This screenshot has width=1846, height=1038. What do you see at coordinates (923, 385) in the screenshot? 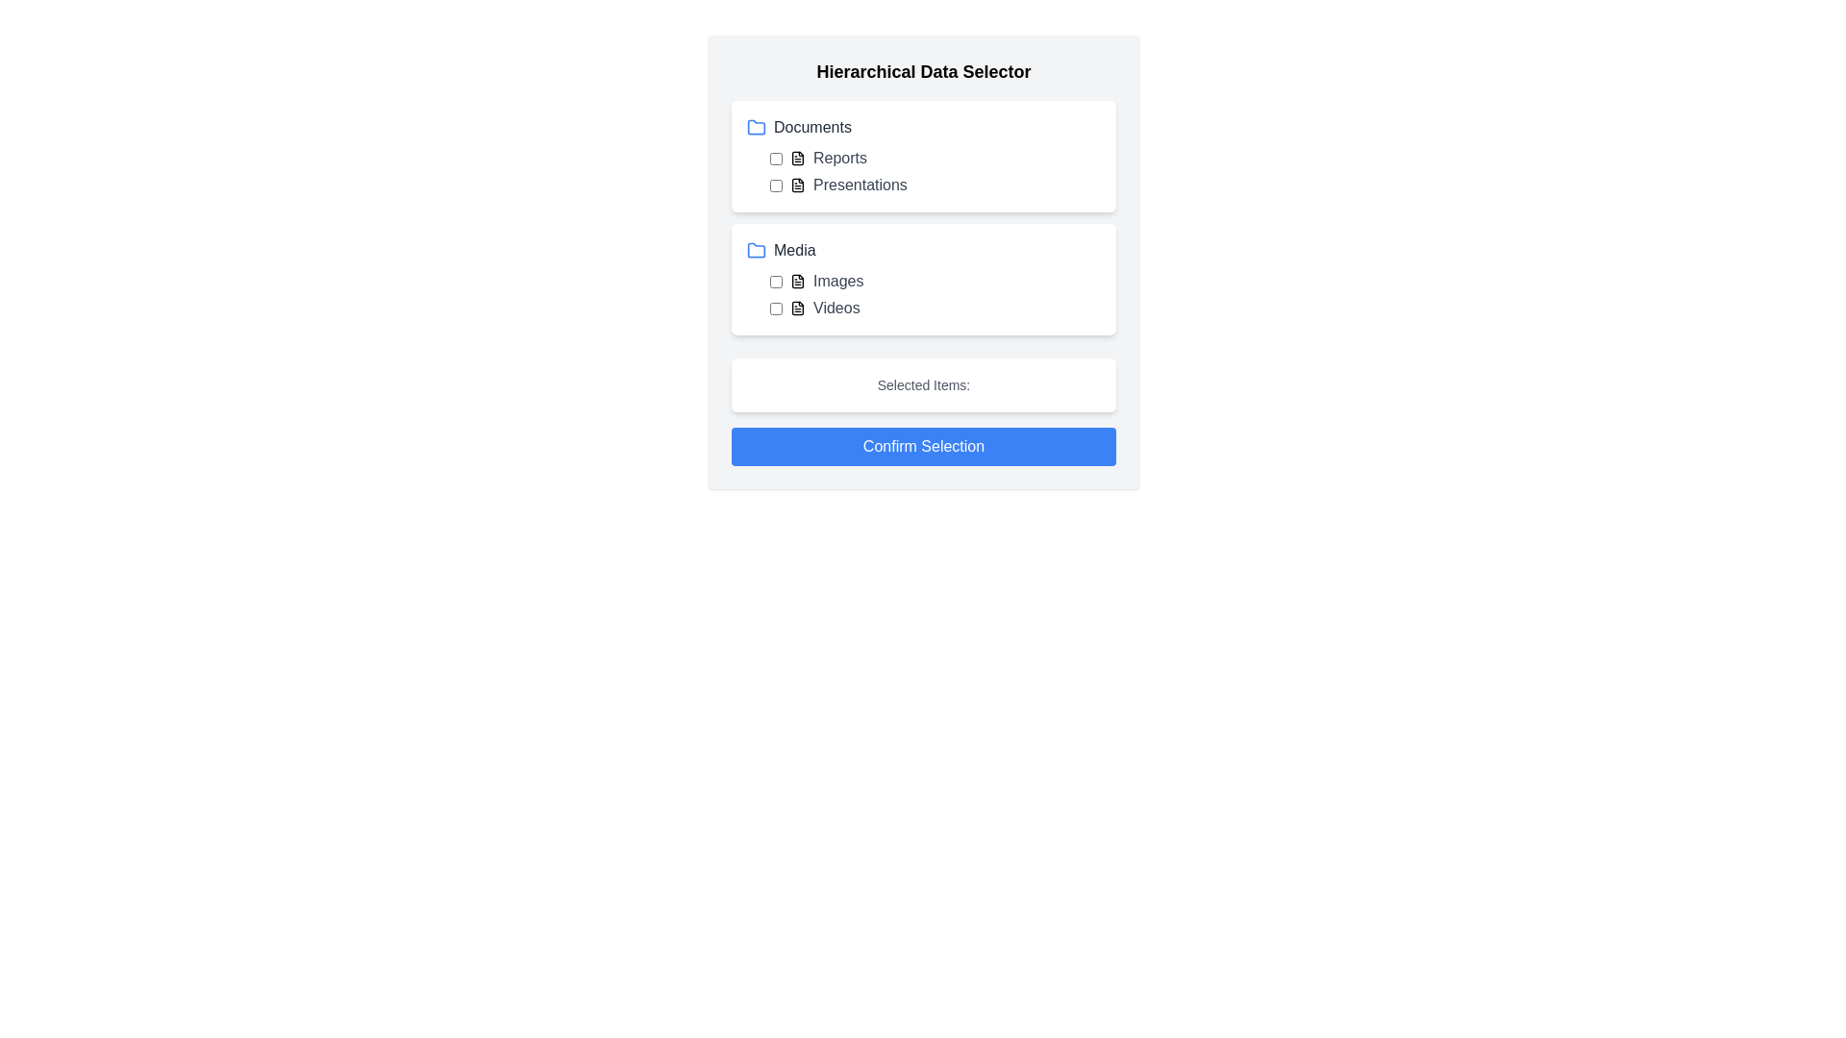
I see `the 'Selected Items:' text label, which is styled in a small, gray font and located within a white box above the 'Confirm Selection' button` at bounding box center [923, 385].